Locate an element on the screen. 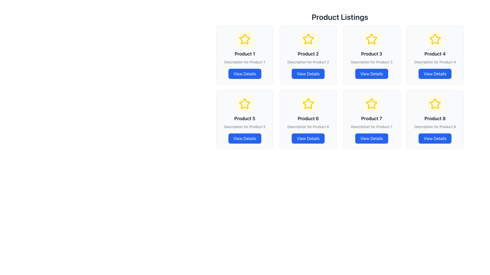 The width and height of the screenshot is (490, 275). the button located within the card labeled 'Product 3' is located at coordinates (372, 74).